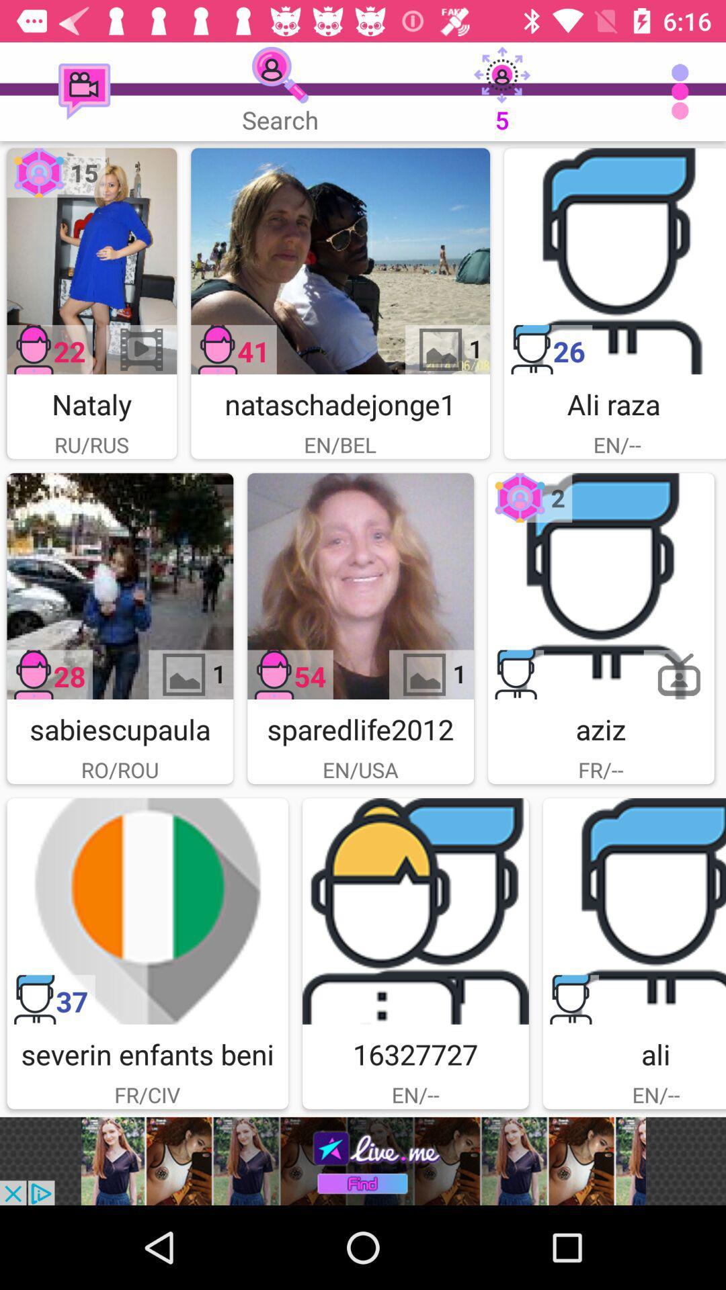  What do you see at coordinates (363, 1160) in the screenshot?
I see `opens an advertisement` at bounding box center [363, 1160].